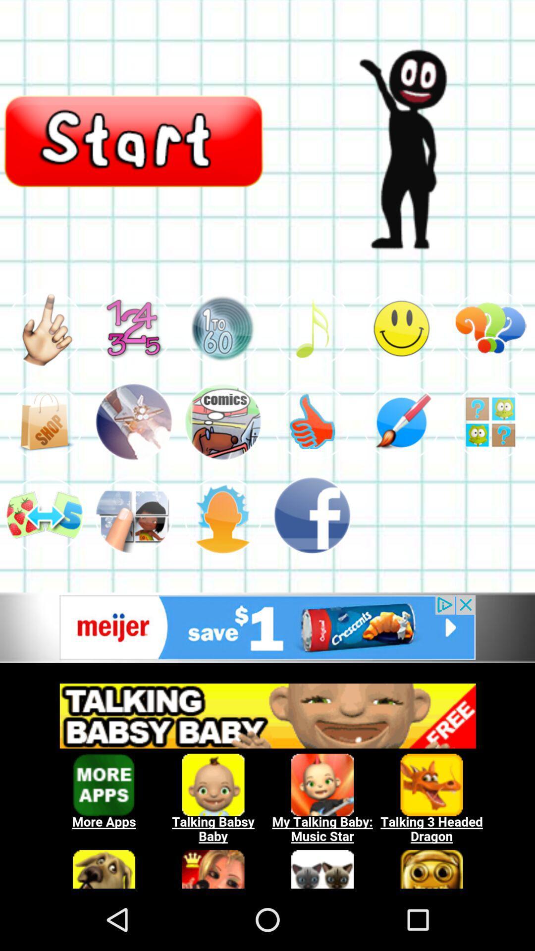 This screenshot has width=535, height=951. Describe the element at coordinates (134, 422) in the screenshot. I see `games options` at that location.